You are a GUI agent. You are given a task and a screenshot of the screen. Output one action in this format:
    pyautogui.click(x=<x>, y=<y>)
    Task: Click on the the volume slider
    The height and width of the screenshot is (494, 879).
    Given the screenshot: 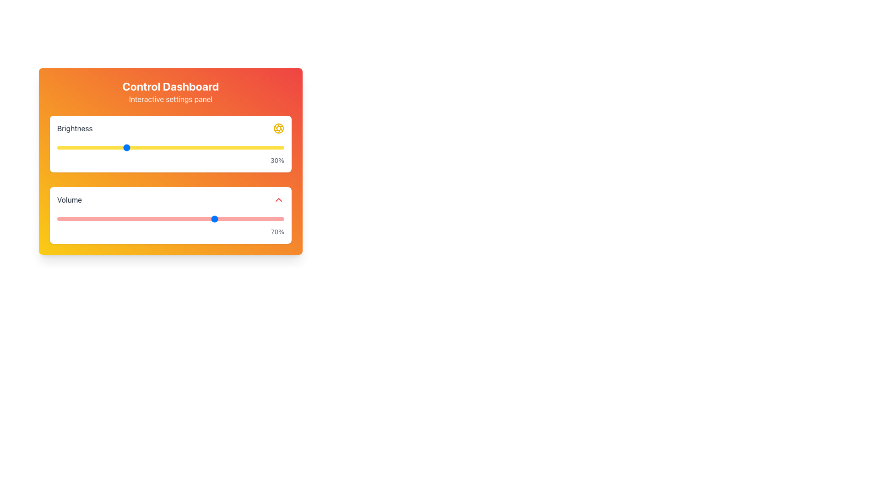 What is the action you would take?
    pyautogui.click(x=131, y=219)
    